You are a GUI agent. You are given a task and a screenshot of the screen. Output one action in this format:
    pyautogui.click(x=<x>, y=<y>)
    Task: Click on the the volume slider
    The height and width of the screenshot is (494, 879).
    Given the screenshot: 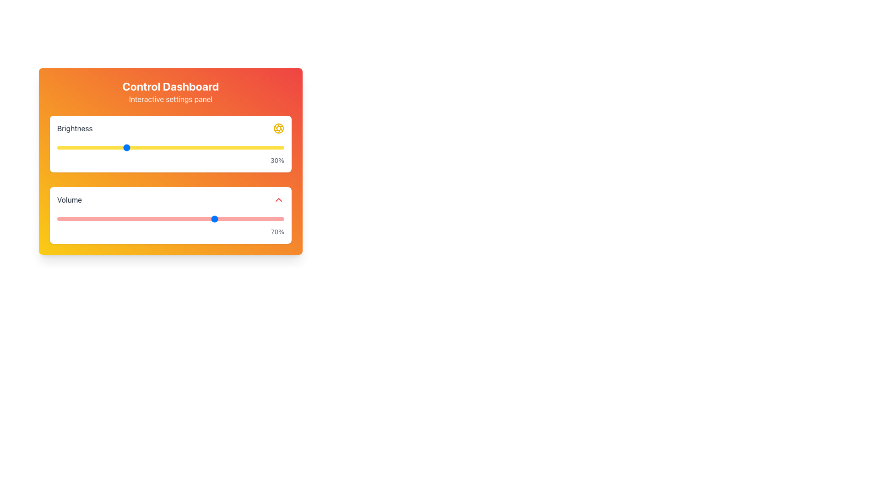 What is the action you would take?
    pyautogui.click(x=131, y=219)
    